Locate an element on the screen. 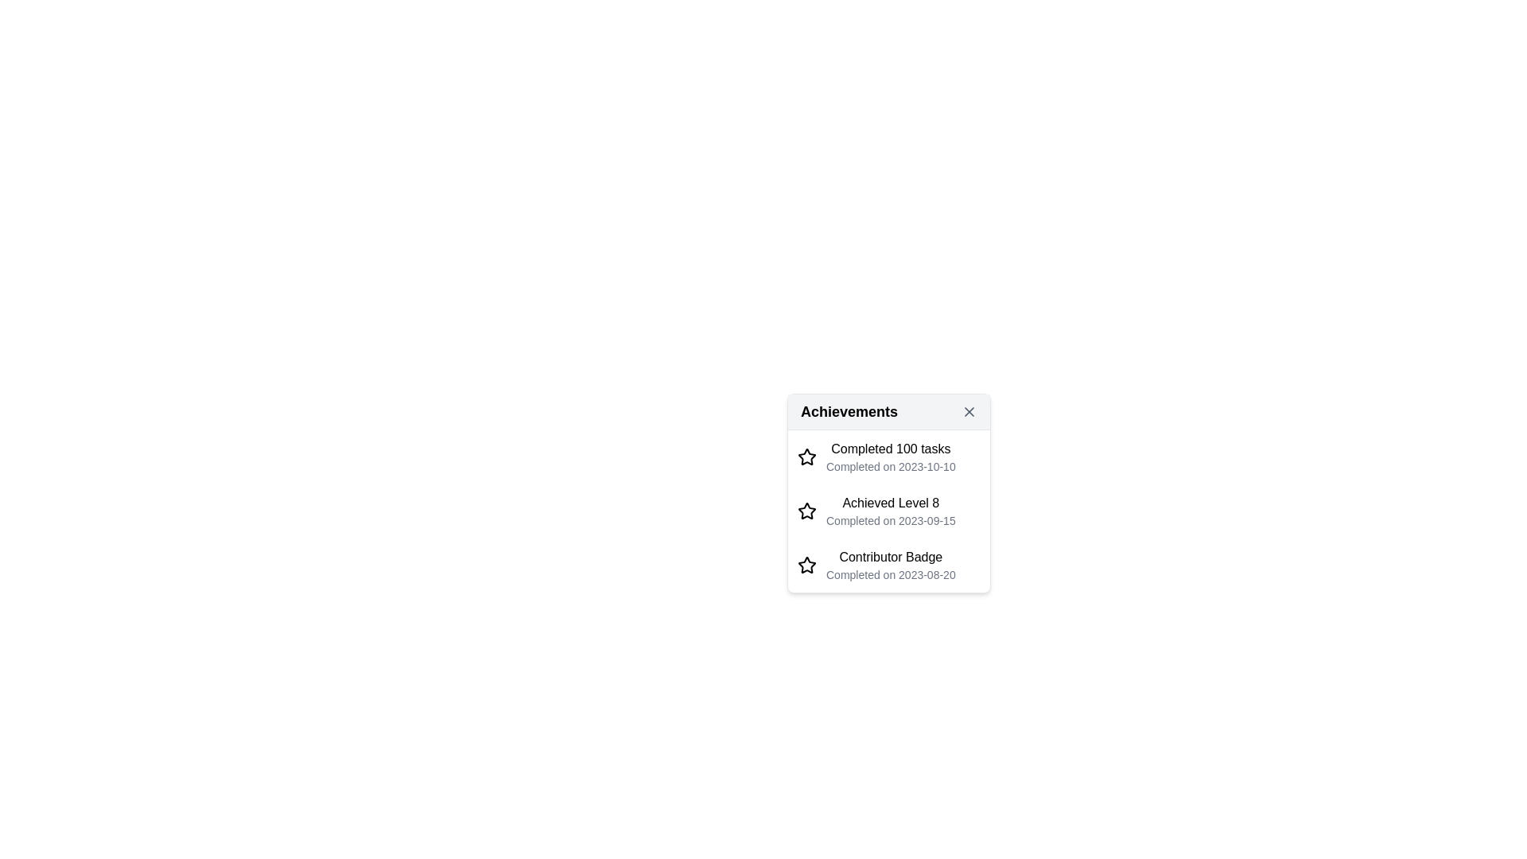 This screenshot has height=859, width=1527. the static text element displaying 'Achievements' located at the top-left corner of the achievements section is located at coordinates (849, 410).